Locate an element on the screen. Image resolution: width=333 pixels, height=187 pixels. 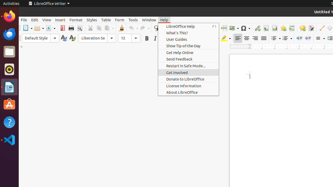
'Show Tip-of-the-Day' is located at coordinates (188, 45).